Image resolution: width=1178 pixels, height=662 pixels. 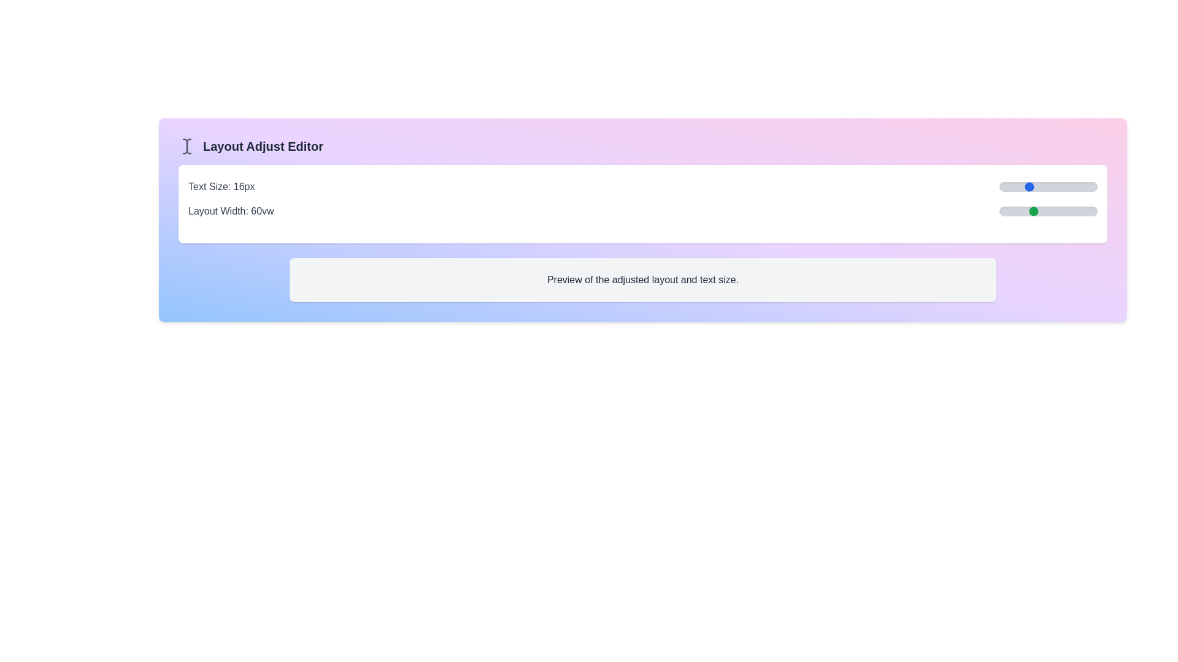 What do you see at coordinates (1089, 210) in the screenshot?
I see `the layout width` at bounding box center [1089, 210].